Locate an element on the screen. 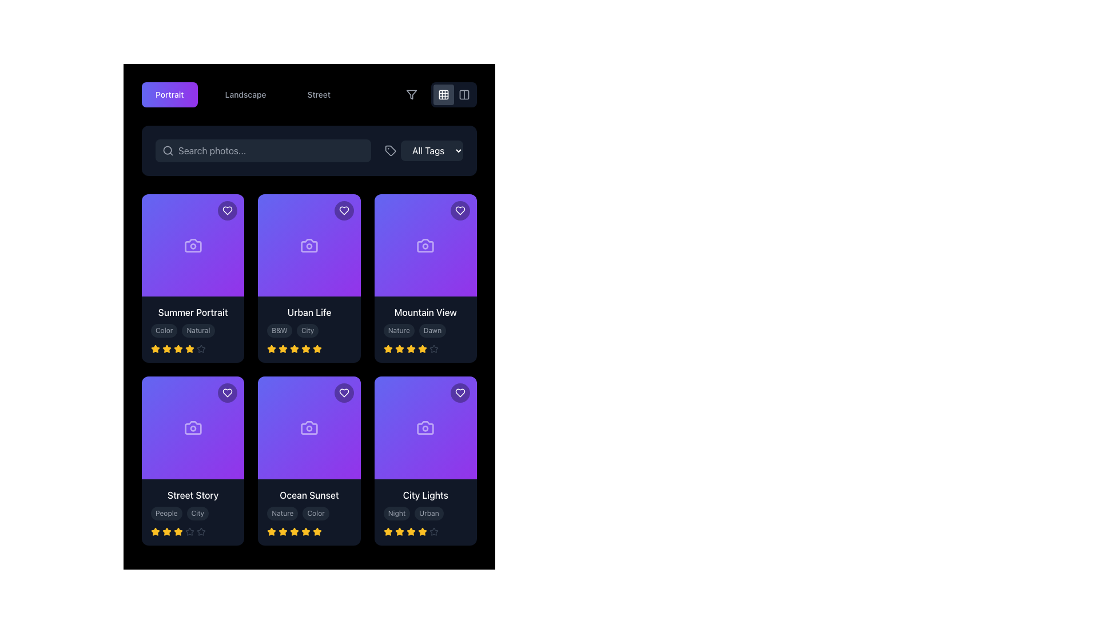 This screenshot has height=617, width=1098. displayed tags 'Night' and 'Urban' from the 'City Lights' photo category card located in the bottom-right corner of the grid layout is located at coordinates (425, 460).